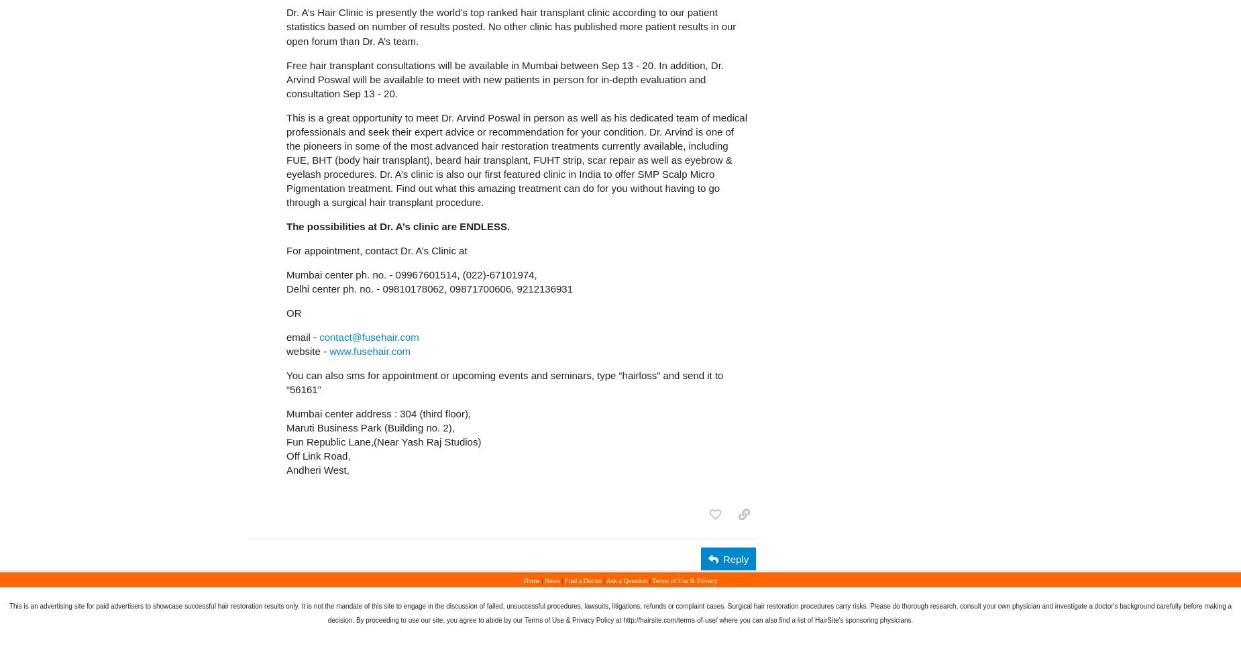 This screenshot has height=671, width=1241. Describe the element at coordinates (429, 288) in the screenshot. I see `'Delhi center ph. no. - 09810178062, 09871700606, 9212136931'` at that location.